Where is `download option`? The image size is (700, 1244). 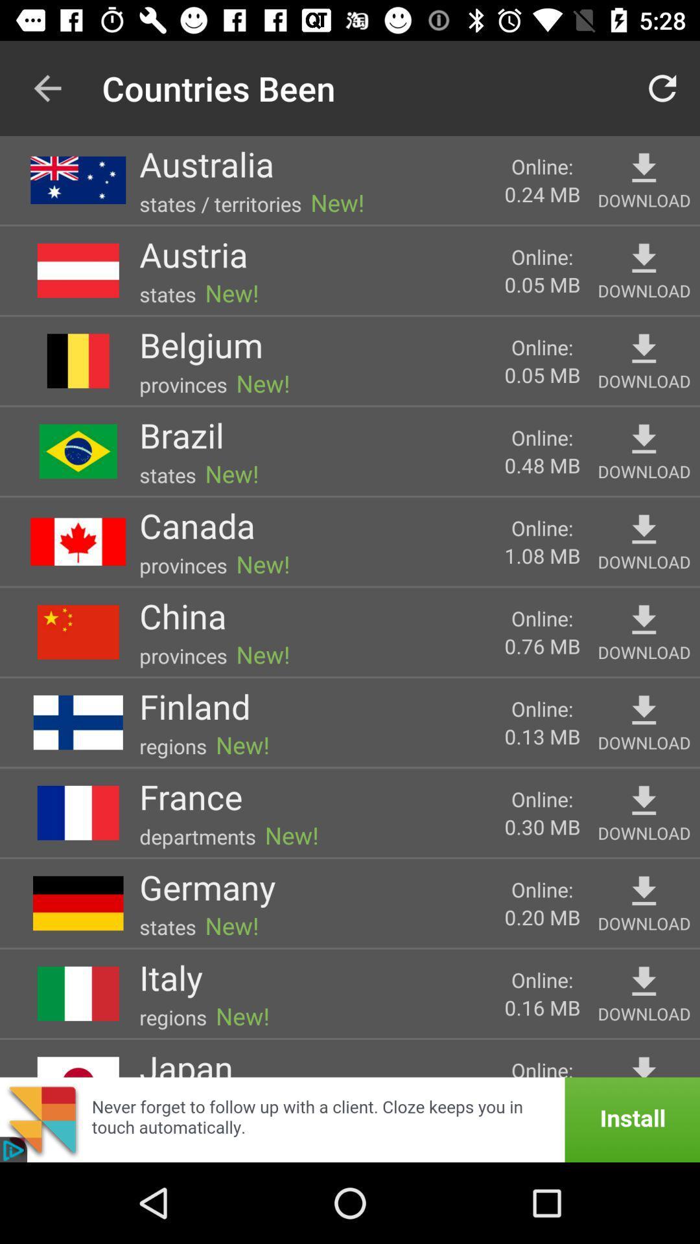 download option is located at coordinates (644, 349).